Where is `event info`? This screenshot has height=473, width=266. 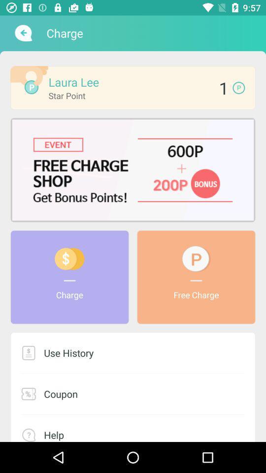
event info is located at coordinates (133, 170).